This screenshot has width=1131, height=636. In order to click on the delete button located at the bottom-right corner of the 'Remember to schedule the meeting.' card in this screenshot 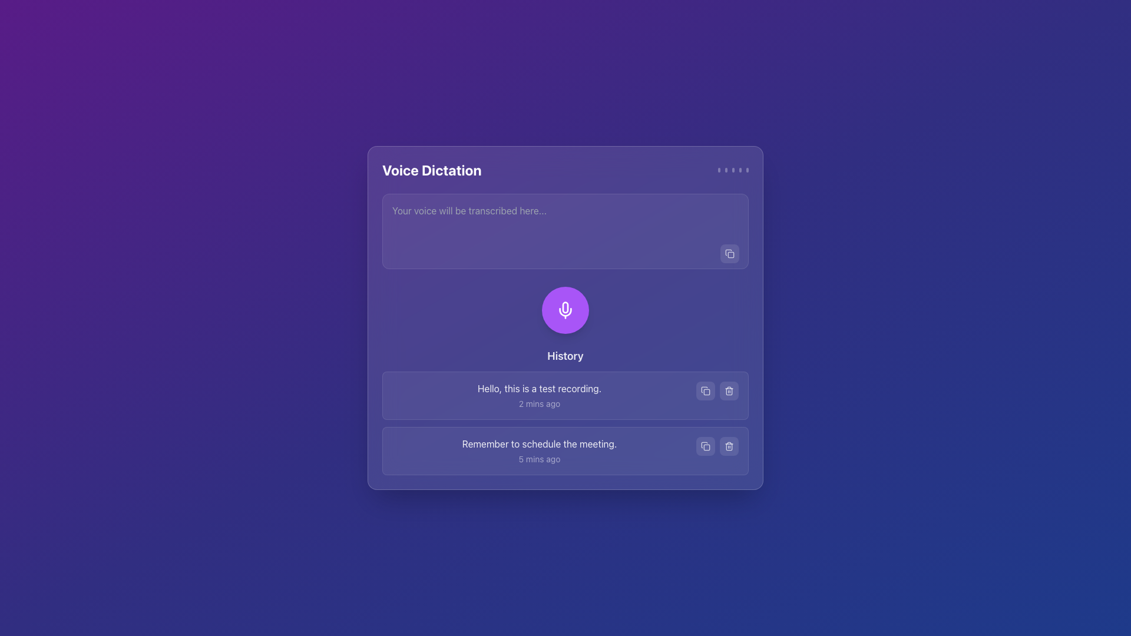, I will do `click(729, 446)`.